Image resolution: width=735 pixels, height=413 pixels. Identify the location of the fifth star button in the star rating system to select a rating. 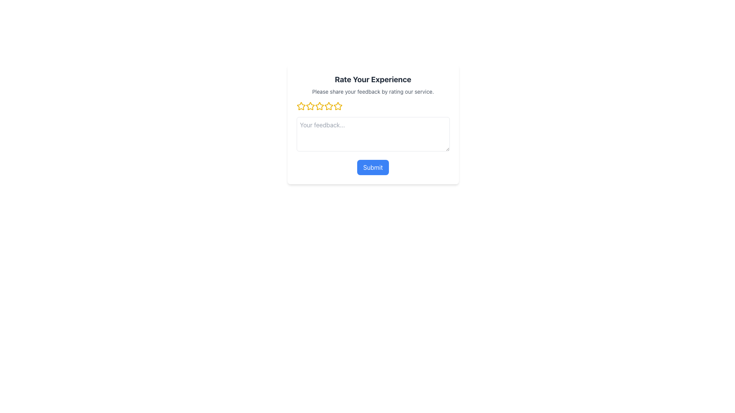
(337, 106).